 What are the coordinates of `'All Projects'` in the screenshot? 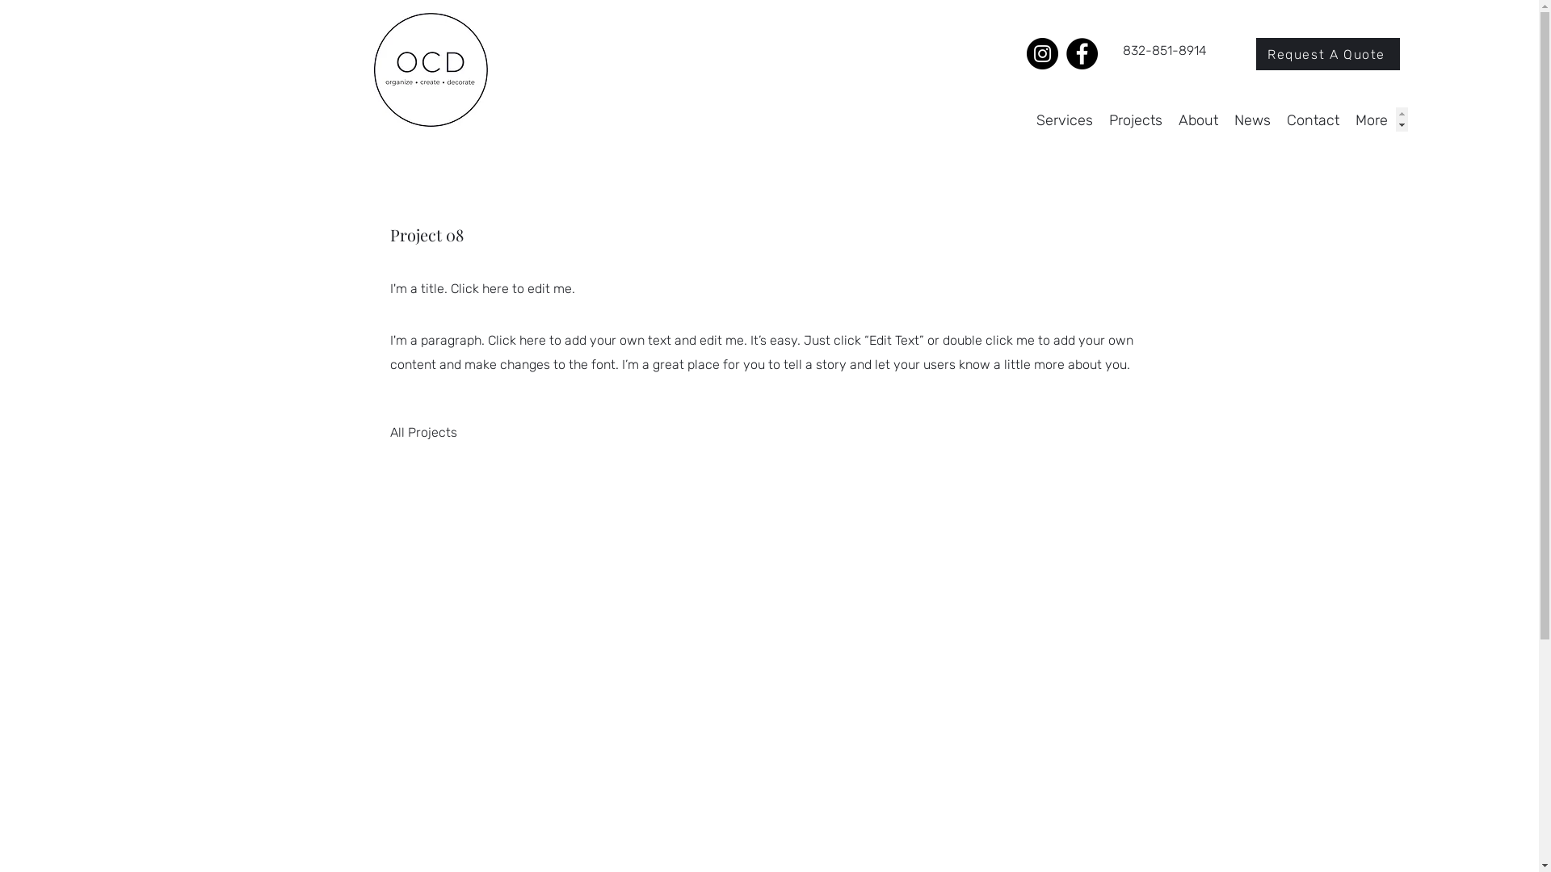 It's located at (422, 432).